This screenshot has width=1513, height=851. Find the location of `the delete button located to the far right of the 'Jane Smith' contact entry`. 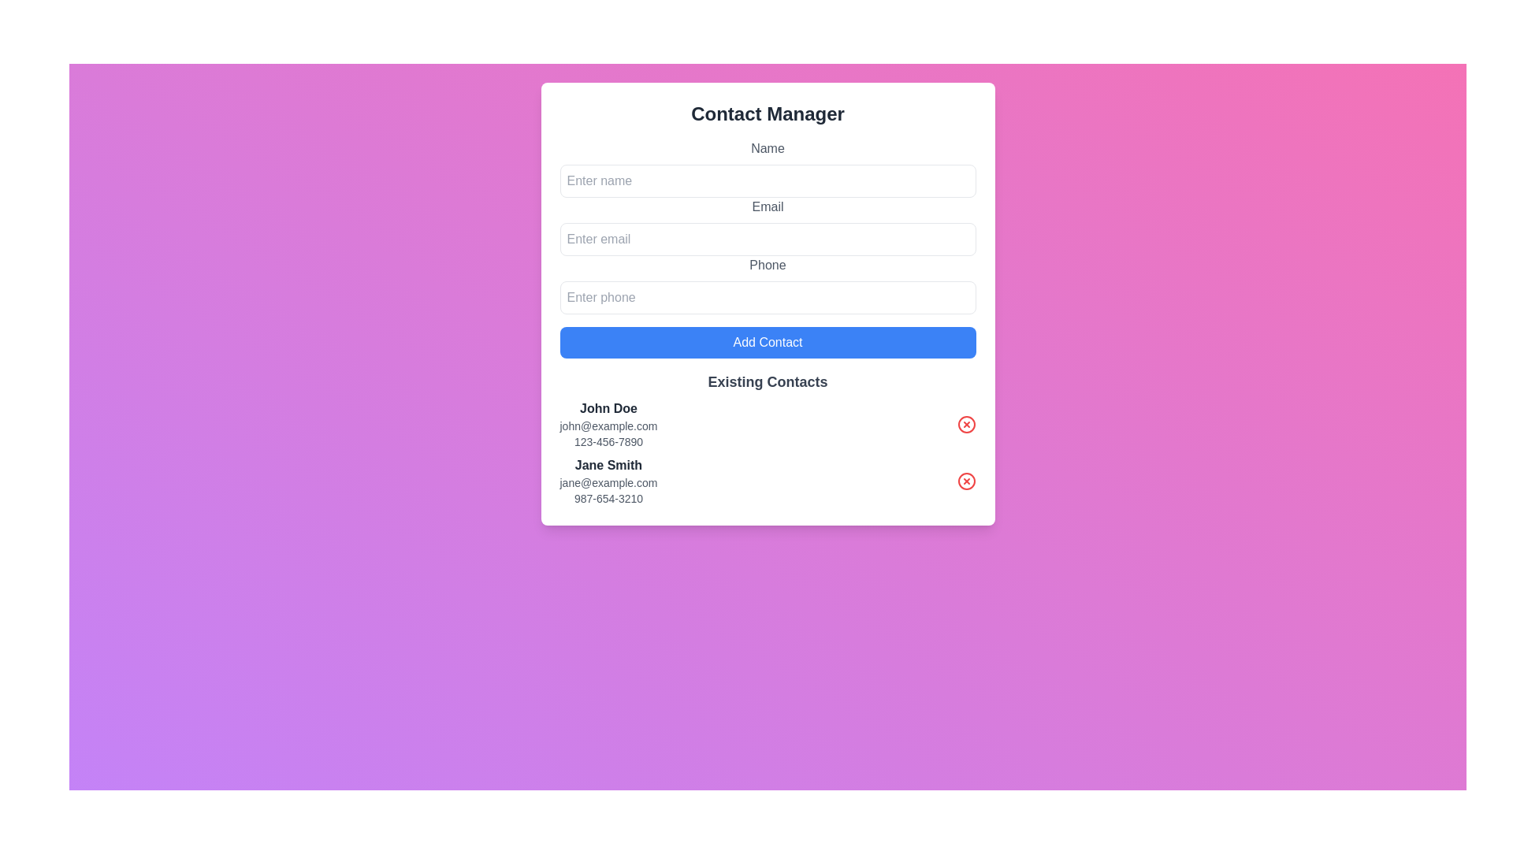

the delete button located to the far right of the 'Jane Smith' contact entry is located at coordinates (965, 480).